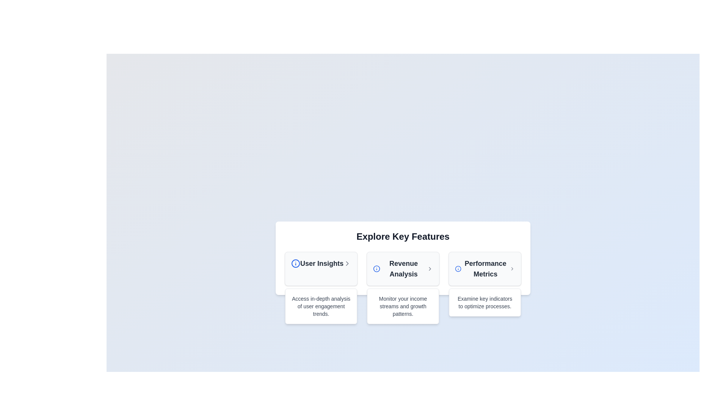 The width and height of the screenshot is (728, 409). What do you see at coordinates (403, 268) in the screenshot?
I see `the text label that serves as a title for the second card in the 'Explore Key Features' section, which is related to revenue and financial analysis` at bounding box center [403, 268].